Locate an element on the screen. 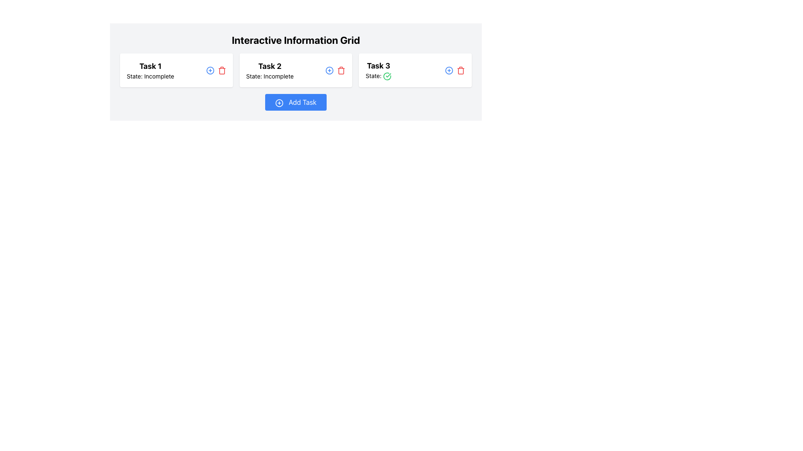 This screenshot has width=803, height=451. the Trash Can Icon associated with Task 2 is located at coordinates (341, 70).